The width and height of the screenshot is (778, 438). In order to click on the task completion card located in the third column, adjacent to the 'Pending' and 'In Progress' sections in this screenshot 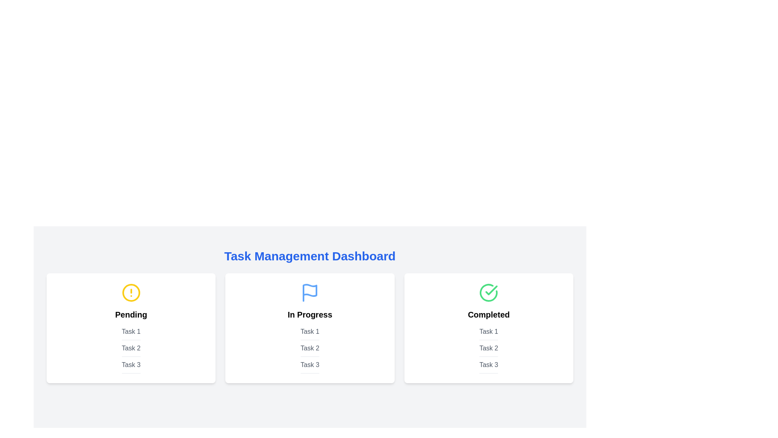, I will do `click(488, 328)`.